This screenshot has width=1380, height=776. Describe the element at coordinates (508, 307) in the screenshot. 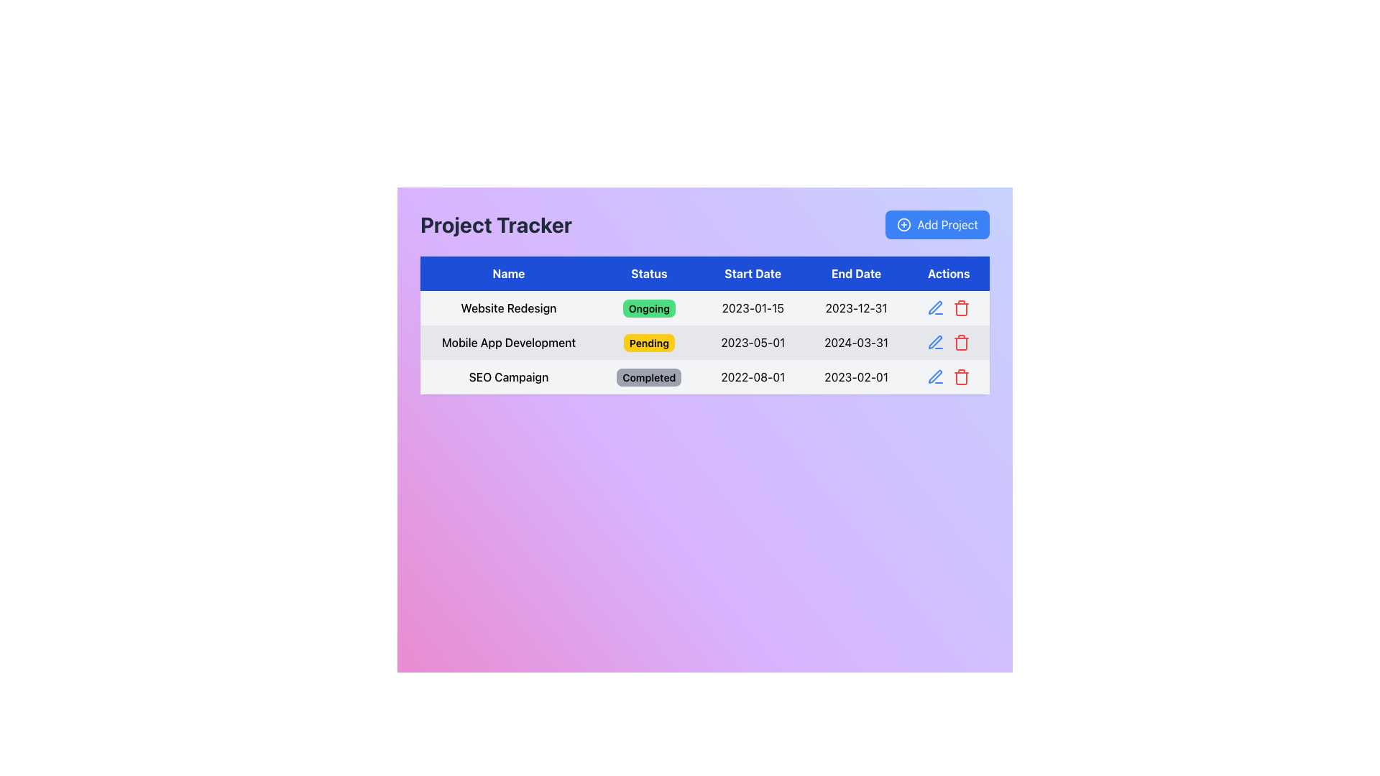

I see `the Static Text Label displaying the project name 'Website Redesign' located in the top row of the data table under the header column labeled 'Name'` at that location.